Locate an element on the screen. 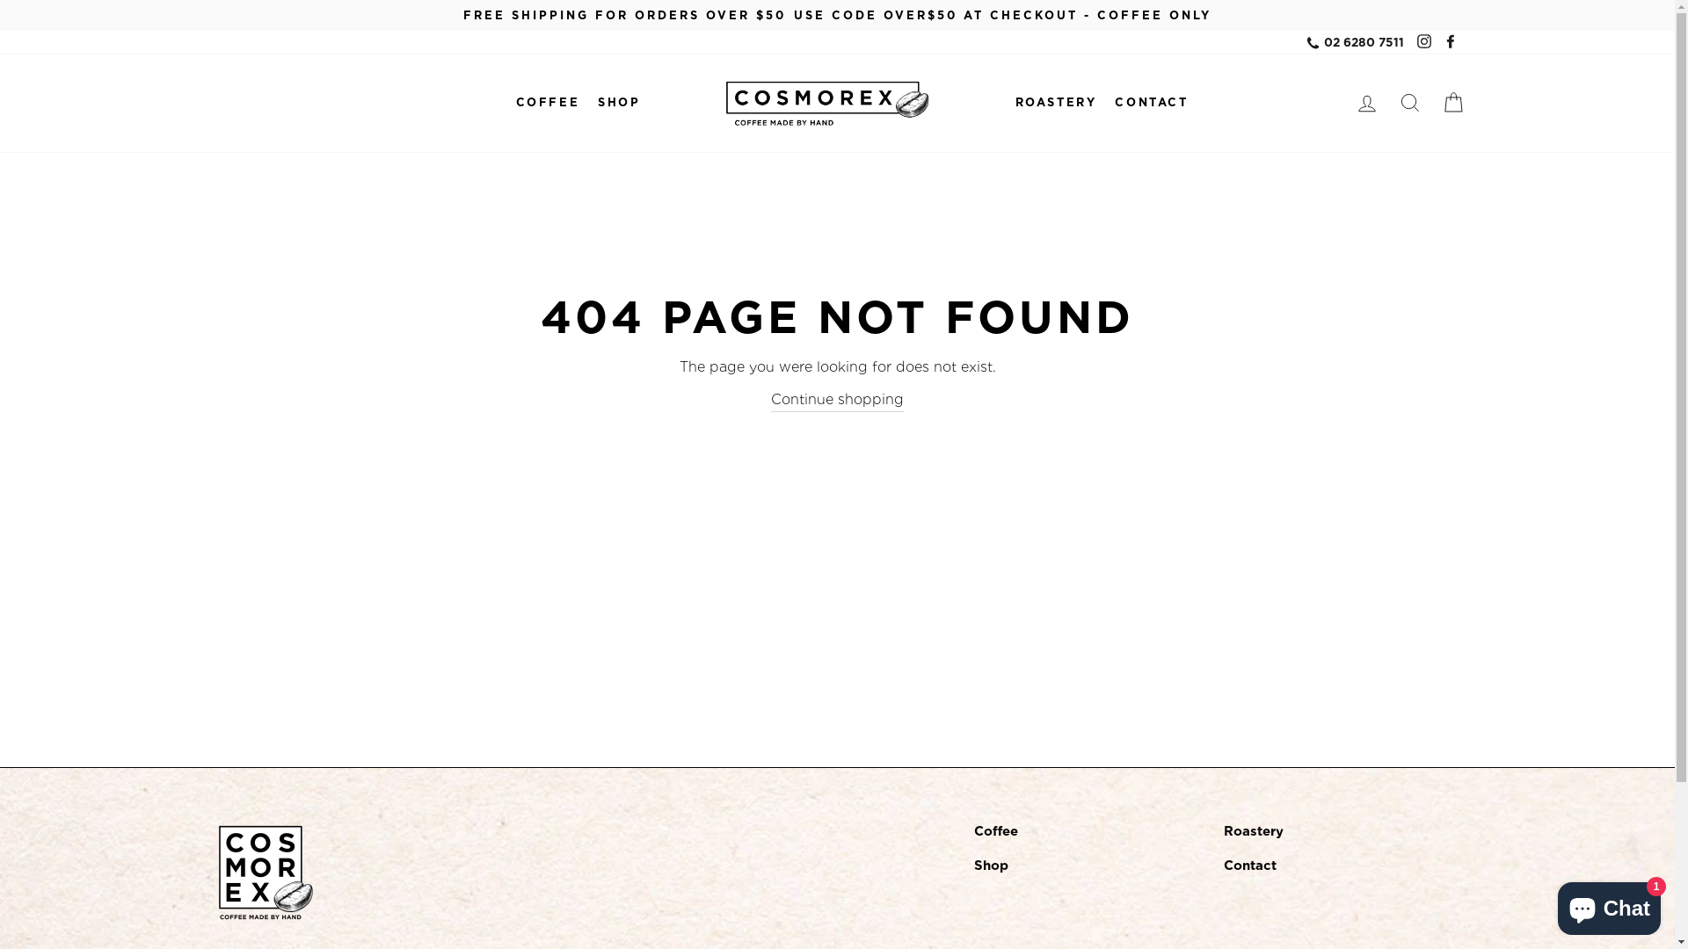 Image resolution: width=1688 pixels, height=949 pixels. 'Shopify online store chat' is located at coordinates (1609, 904).